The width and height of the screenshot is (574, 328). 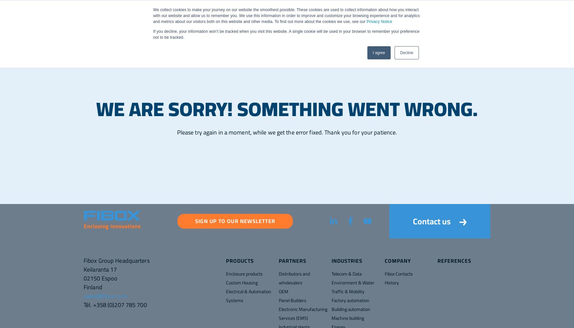 I want to click on 'We are sorry! Something went wrong.', so click(x=287, y=109).